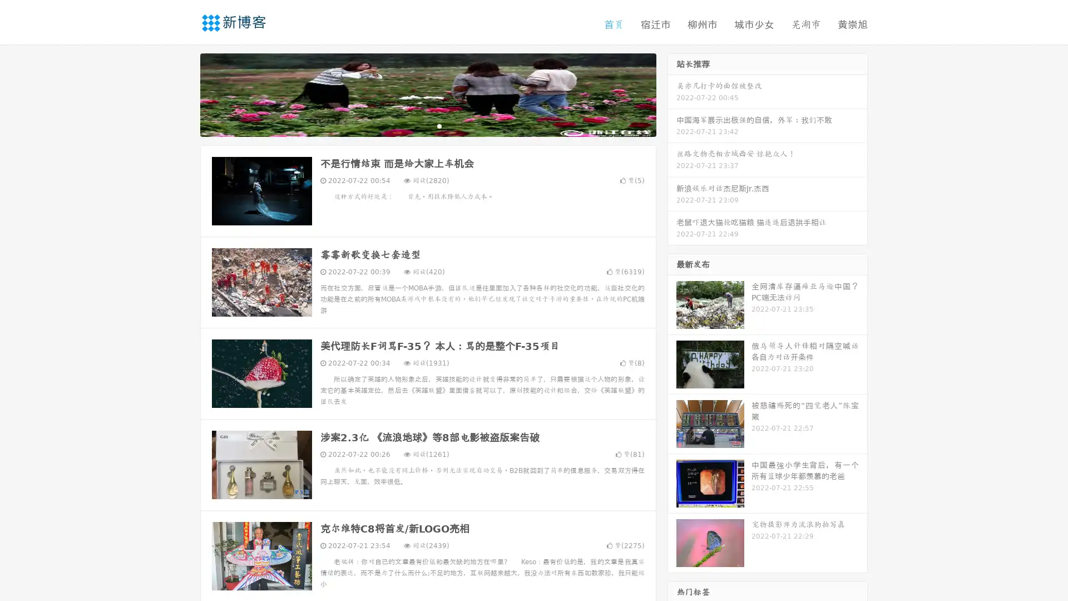 This screenshot has width=1068, height=601. What do you see at coordinates (416, 125) in the screenshot?
I see `Go to slide 1` at bounding box center [416, 125].